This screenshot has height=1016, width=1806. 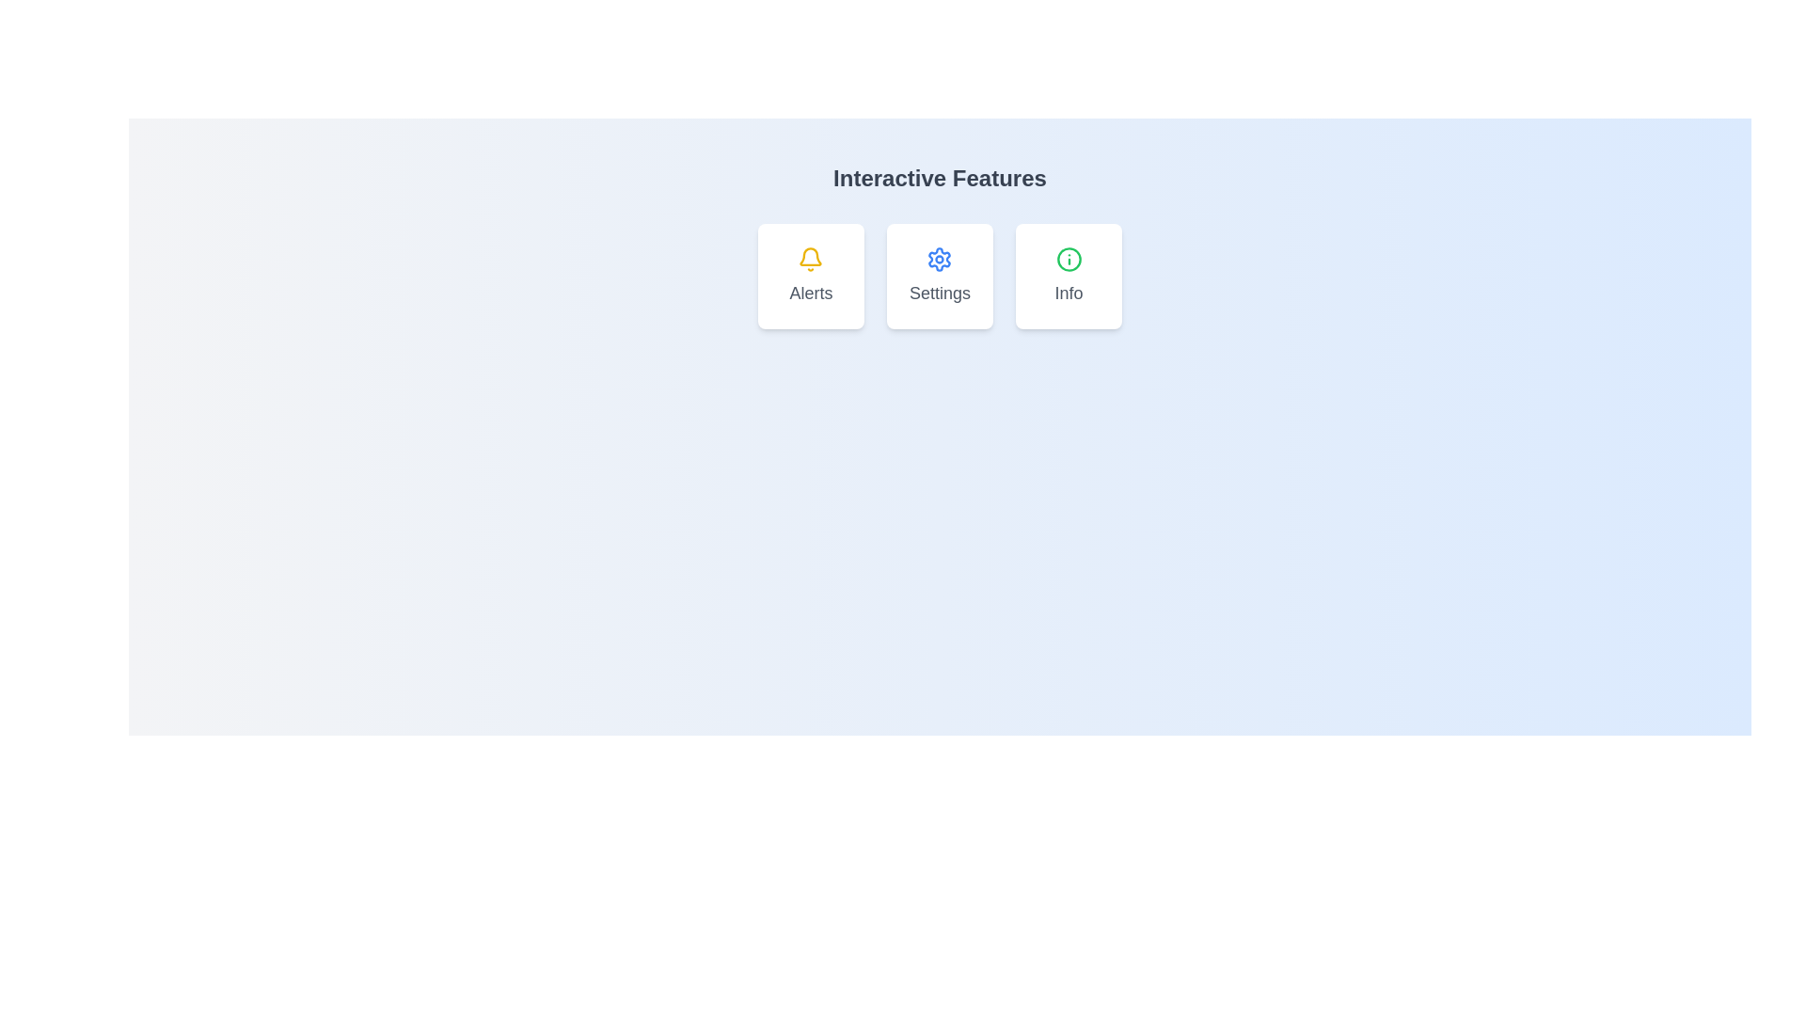 What do you see at coordinates (940, 178) in the screenshot?
I see `text from the Text Header that displays 'Interactive Features', which is styled in a large, bold, gray font and is positioned at the top center above the cards labeled Alerts, Settings, and Info` at bounding box center [940, 178].